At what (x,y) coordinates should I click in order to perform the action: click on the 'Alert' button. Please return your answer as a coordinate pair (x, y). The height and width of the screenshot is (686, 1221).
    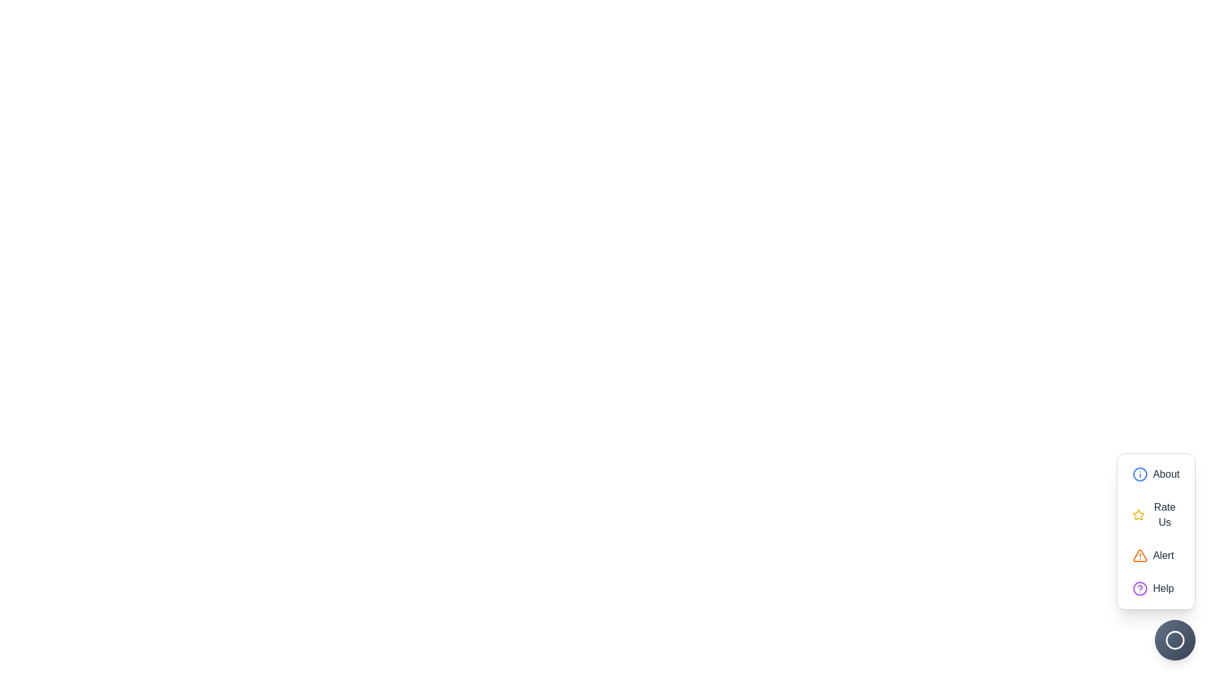
    Looking at the image, I should click on (1156, 555).